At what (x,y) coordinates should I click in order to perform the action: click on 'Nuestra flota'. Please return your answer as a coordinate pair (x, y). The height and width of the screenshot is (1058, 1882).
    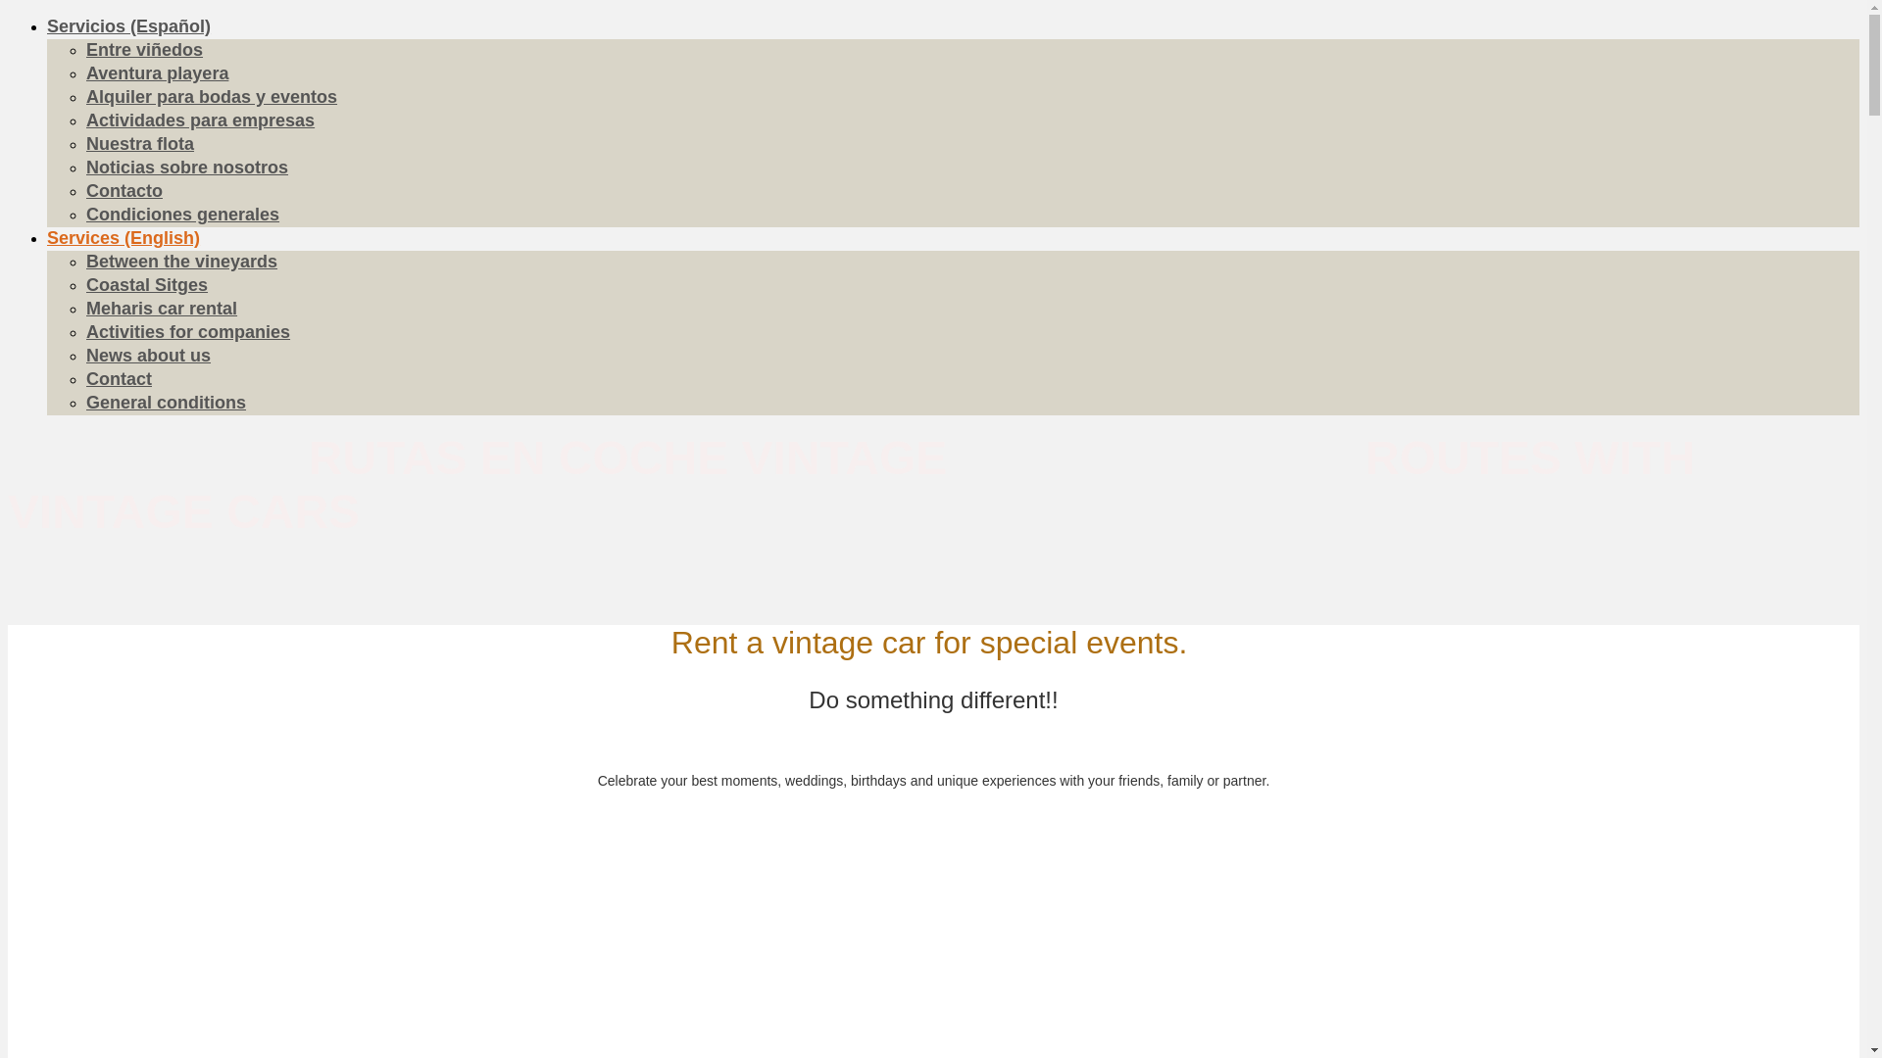
    Looking at the image, I should click on (139, 142).